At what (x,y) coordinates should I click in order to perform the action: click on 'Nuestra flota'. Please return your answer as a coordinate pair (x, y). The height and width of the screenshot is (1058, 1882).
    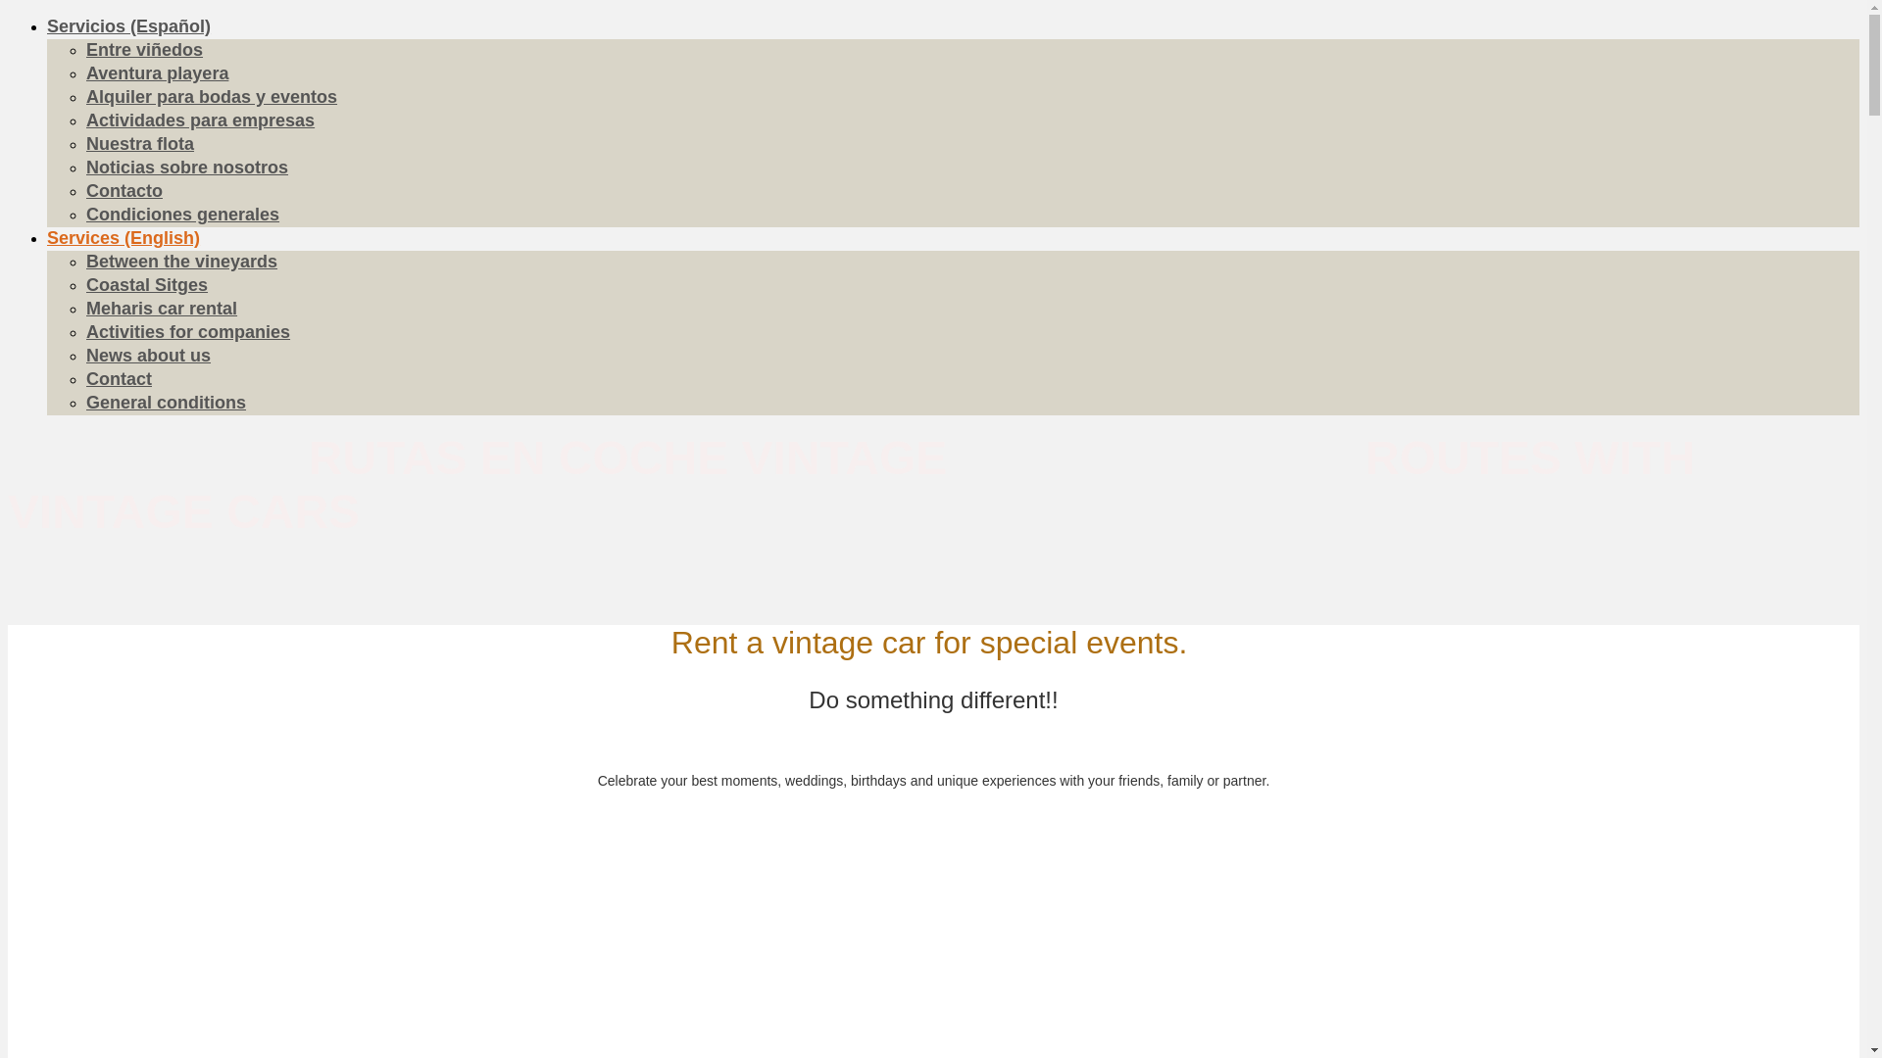
    Looking at the image, I should click on (139, 142).